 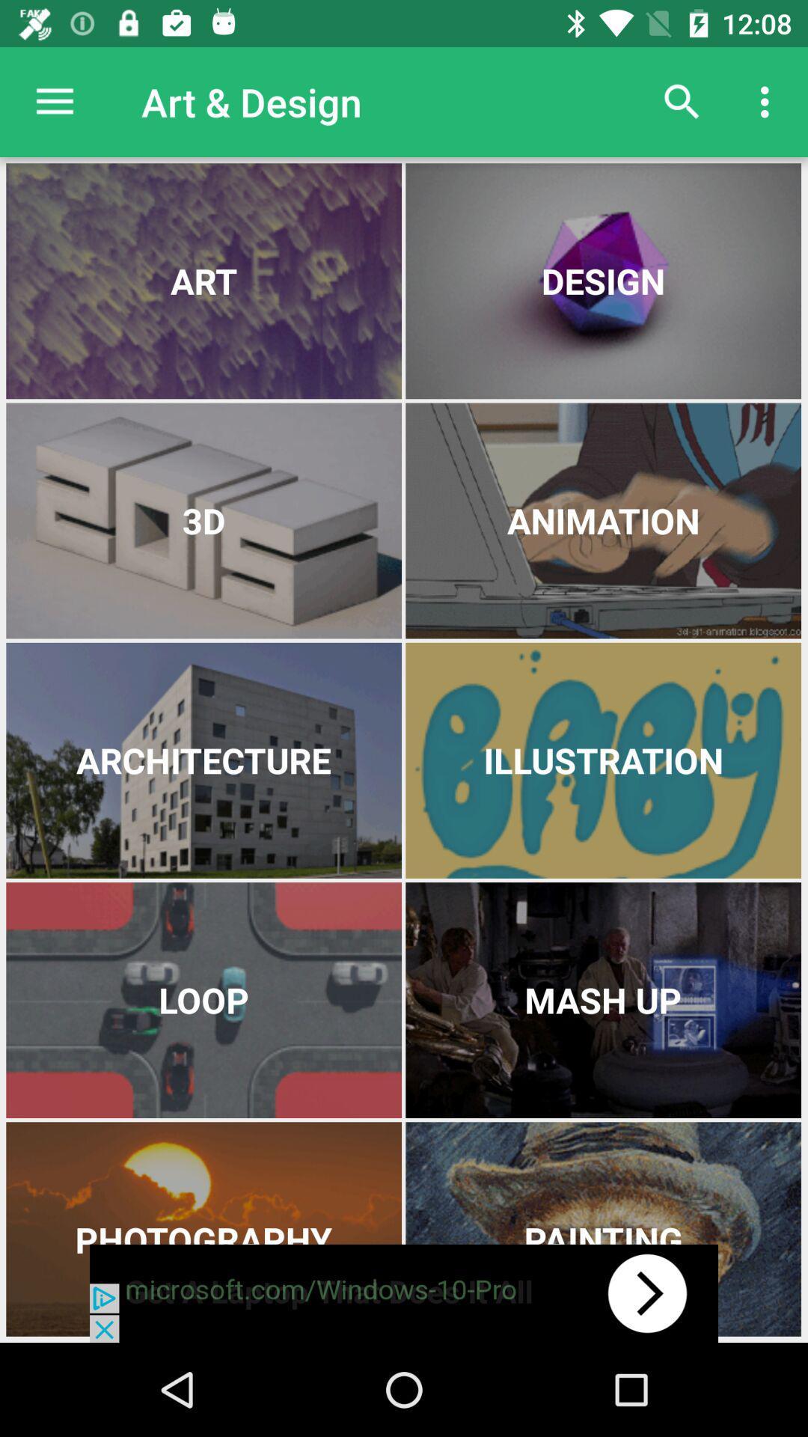 I want to click on second position in the first row, so click(x=602, y=281).